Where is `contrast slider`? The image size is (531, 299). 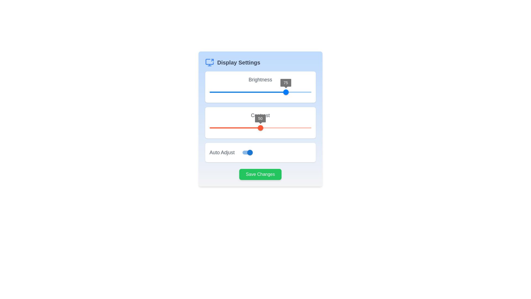 contrast slider is located at coordinates (232, 128).